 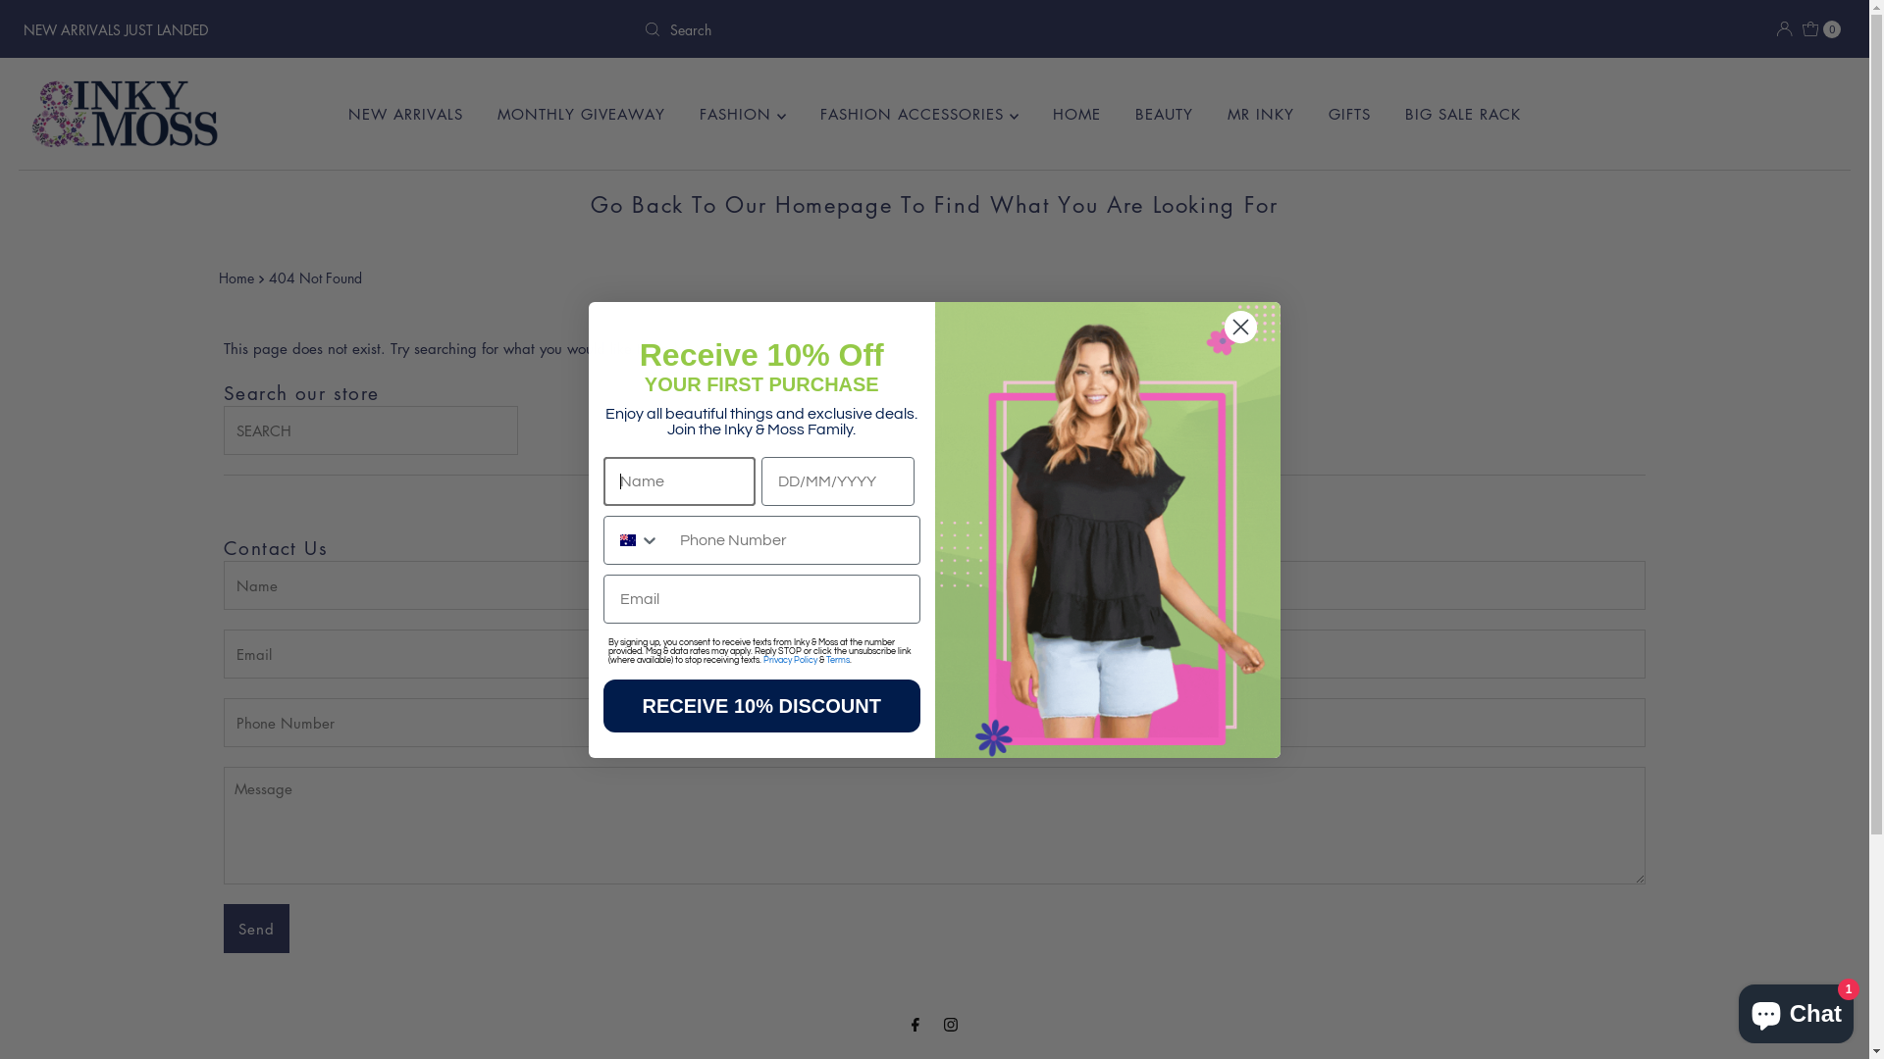 I want to click on 'Send', so click(x=255, y=928).